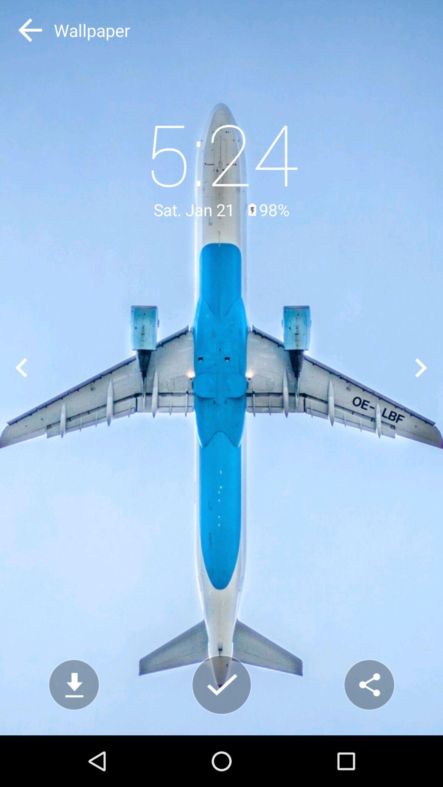  Describe the element at coordinates (421, 367) in the screenshot. I see `the arrow_forward icon` at that location.